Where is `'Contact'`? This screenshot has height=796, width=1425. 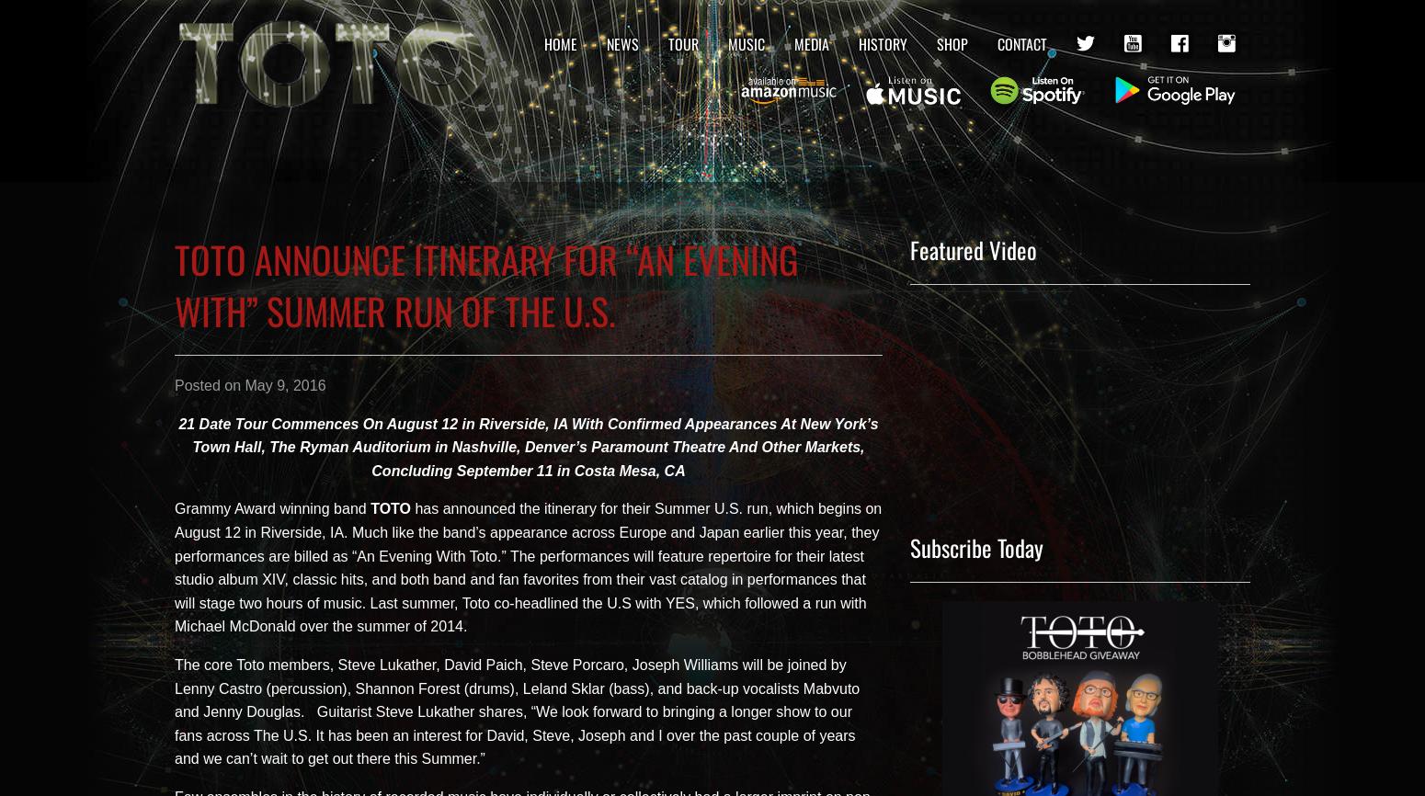 'Contact' is located at coordinates (997, 43).